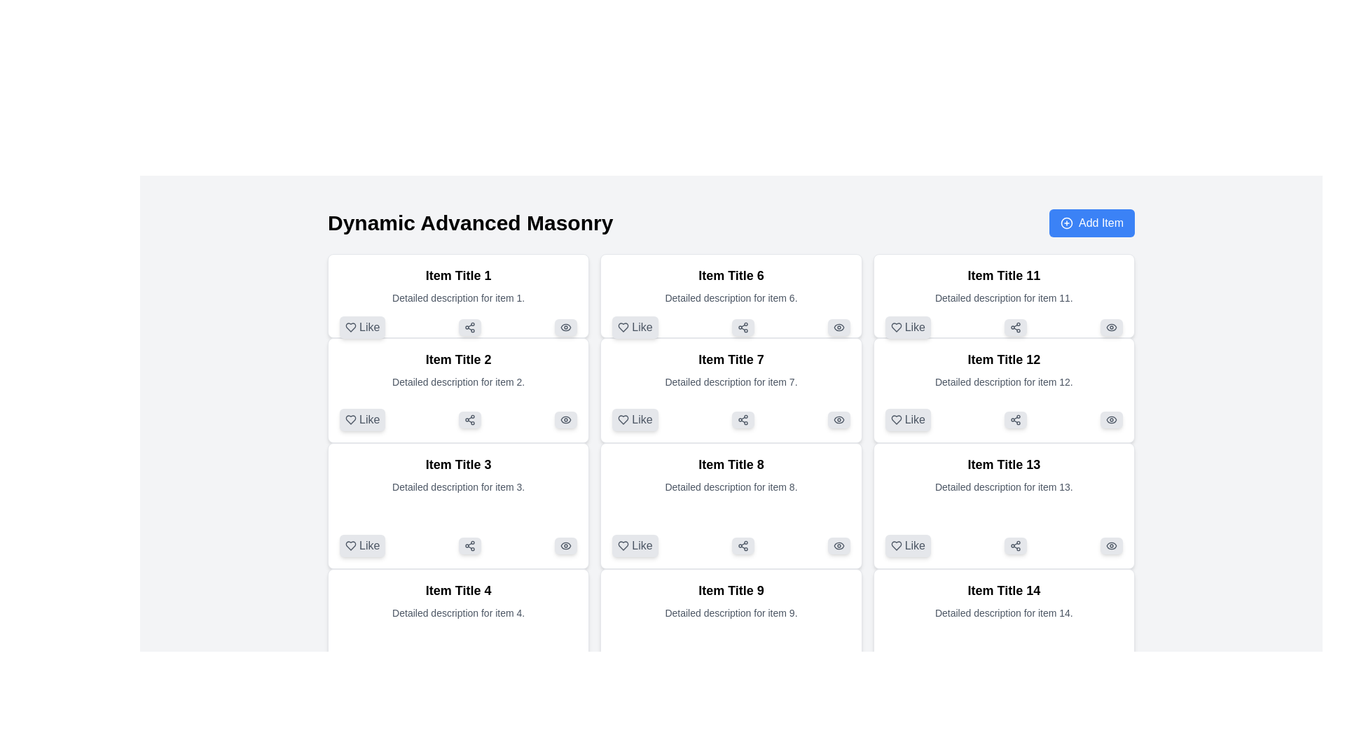  What do you see at coordinates (566, 327) in the screenshot?
I see `the visibility button with an eye icon located beneath 'Item Title 1'` at bounding box center [566, 327].